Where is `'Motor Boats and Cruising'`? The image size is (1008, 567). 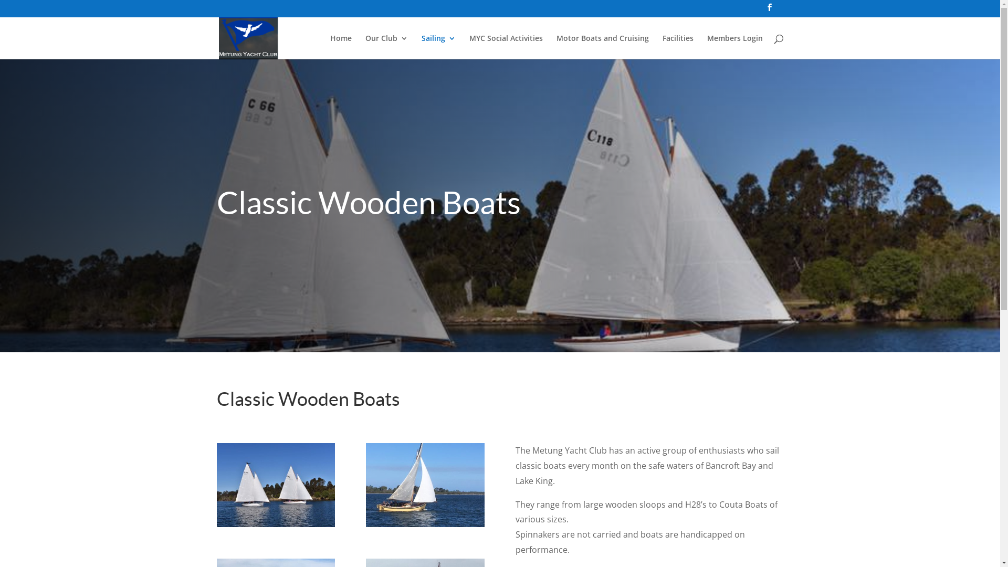
'Motor Boats and Cruising' is located at coordinates (602, 46).